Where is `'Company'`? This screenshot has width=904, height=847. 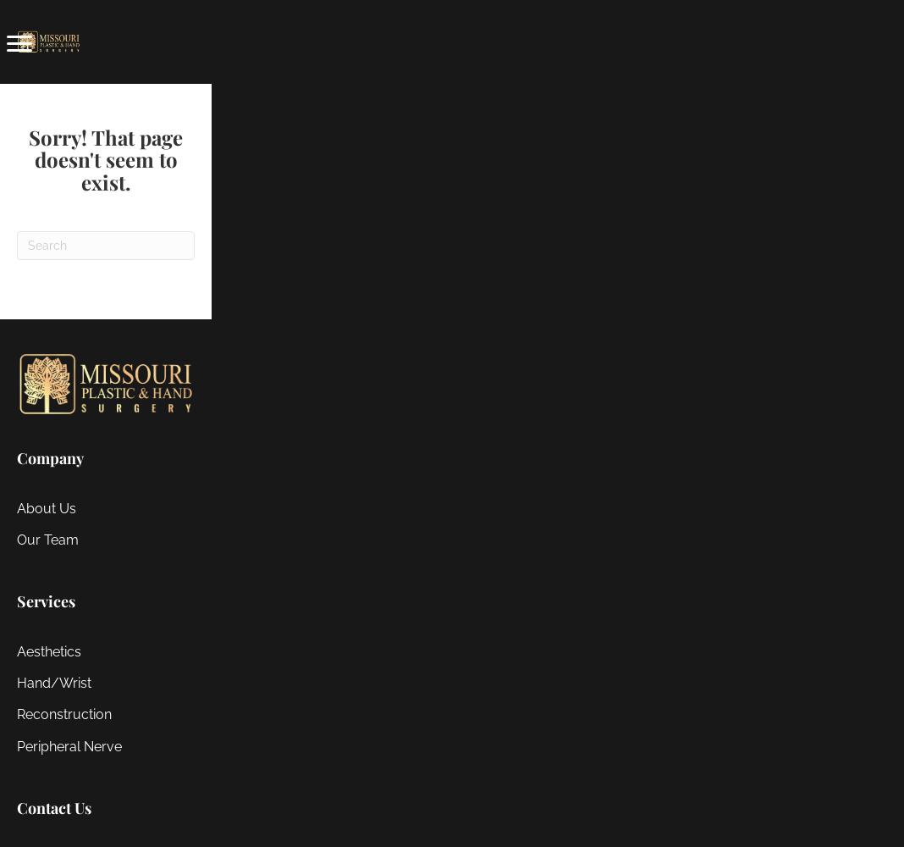
'Company' is located at coordinates (15, 457).